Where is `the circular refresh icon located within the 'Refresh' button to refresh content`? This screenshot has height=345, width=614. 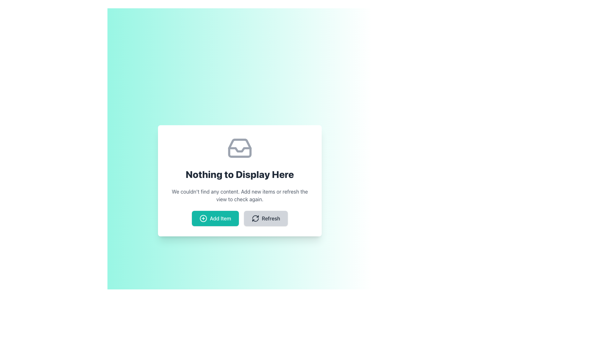 the circular refresh icon located within the 'Refresh' button to refresh content is located at coordinates (255, 218).